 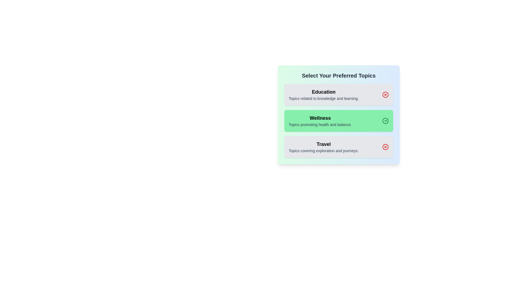 I want to click on the topic Travel to view its description, so click(x=324, y=147).